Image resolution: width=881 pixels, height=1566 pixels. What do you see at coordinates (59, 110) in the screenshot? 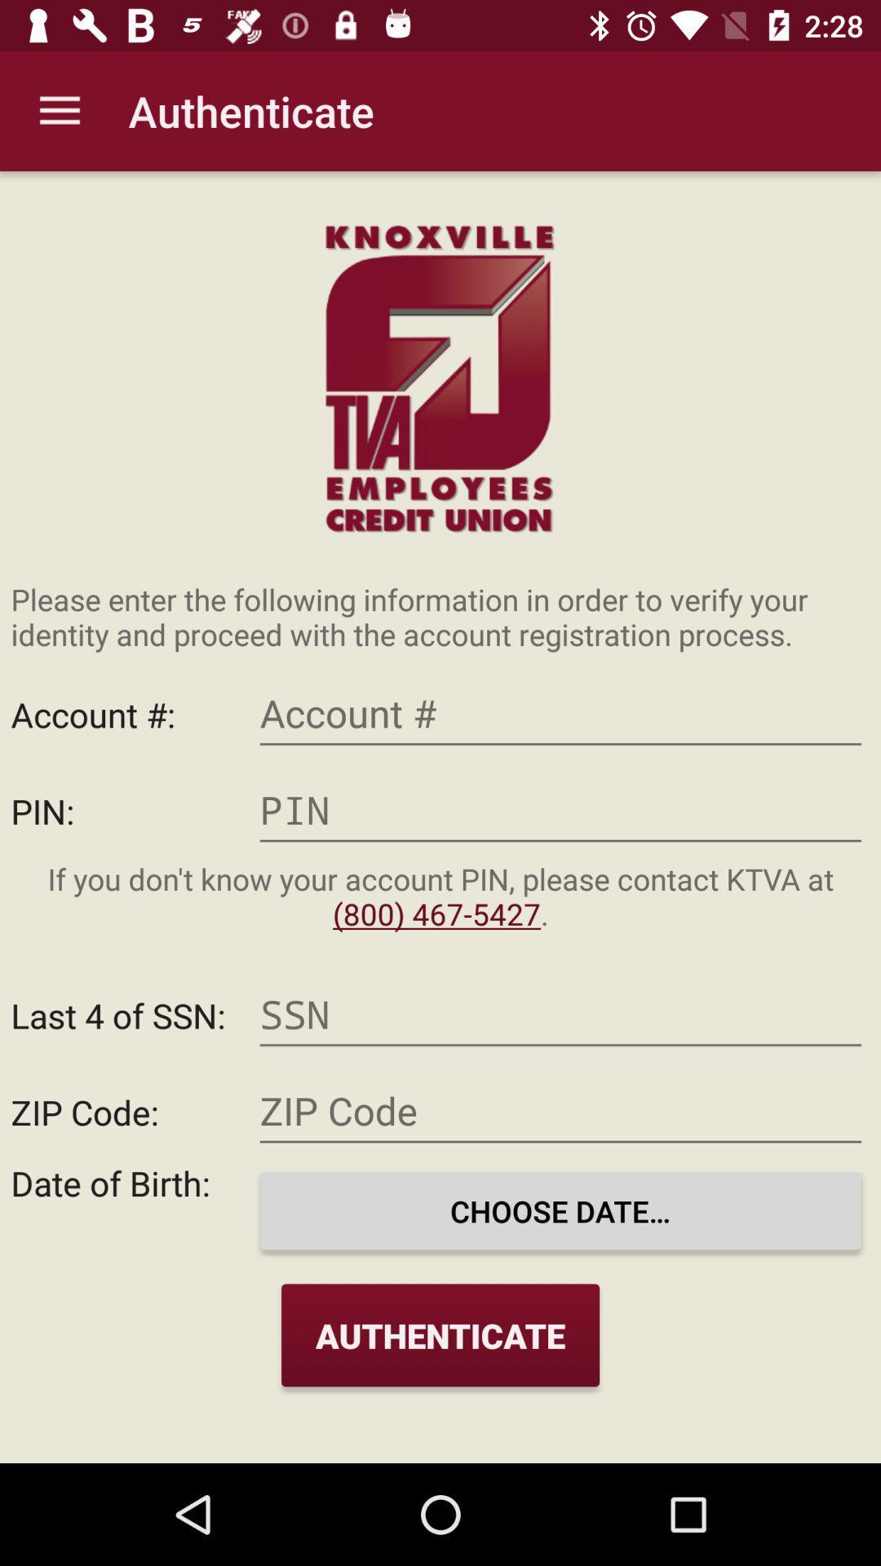
I see `the icon next to authenticate` at bounding box center [59, 110].